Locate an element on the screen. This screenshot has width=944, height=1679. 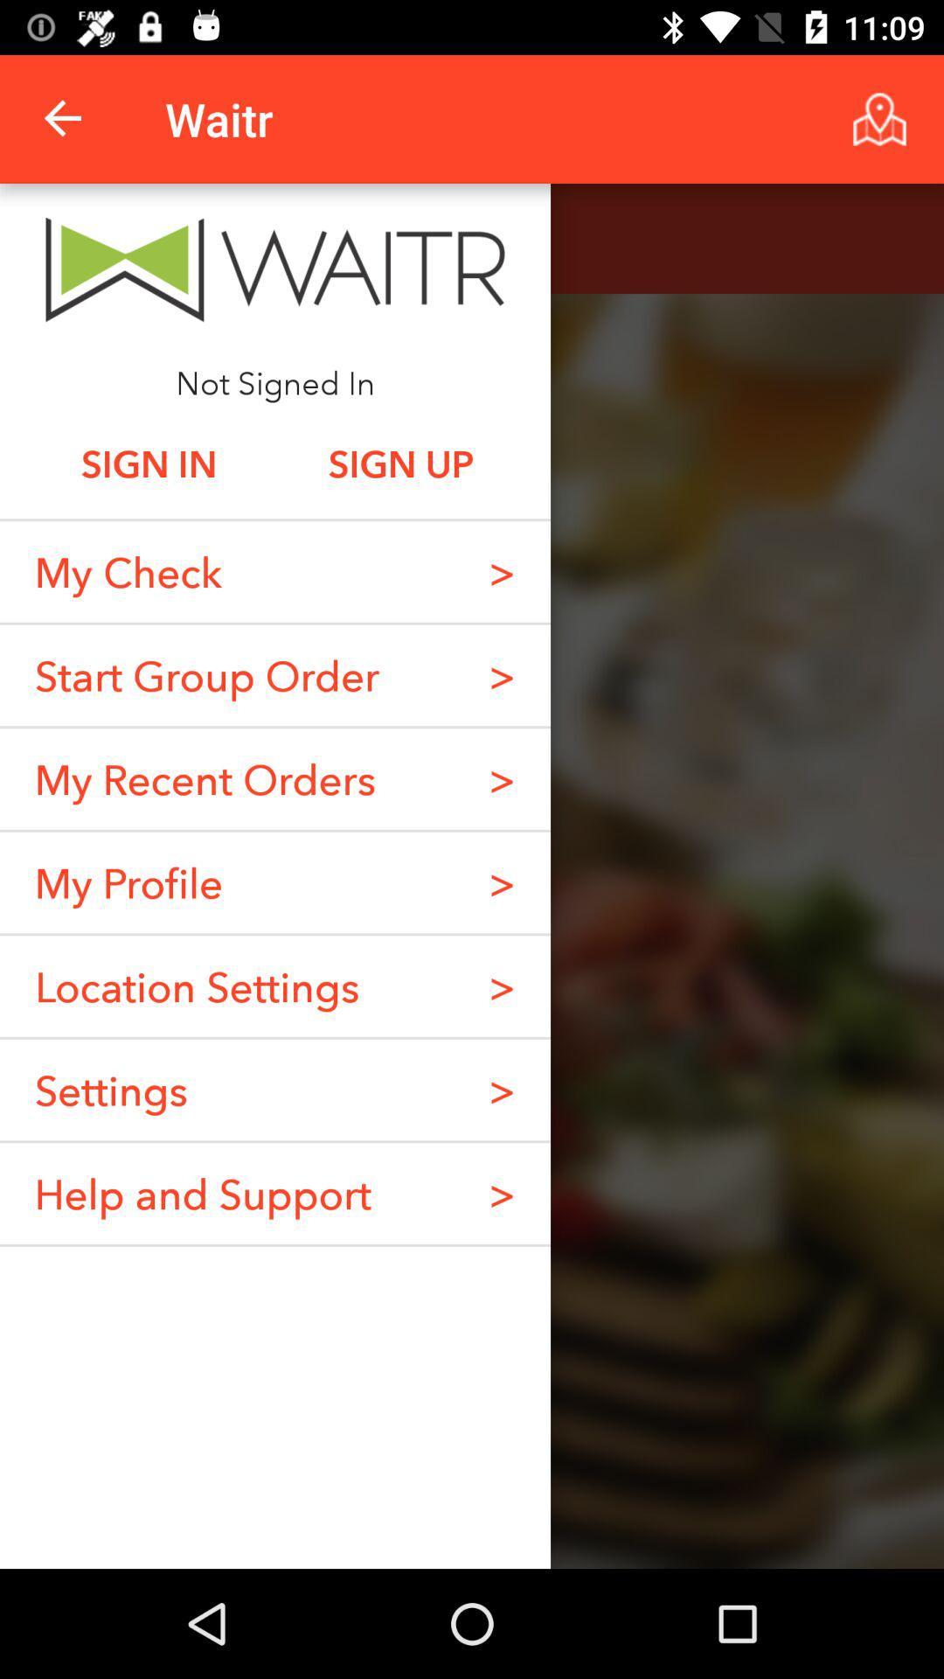
the item below the sign up is located at coordinates (502, 571).